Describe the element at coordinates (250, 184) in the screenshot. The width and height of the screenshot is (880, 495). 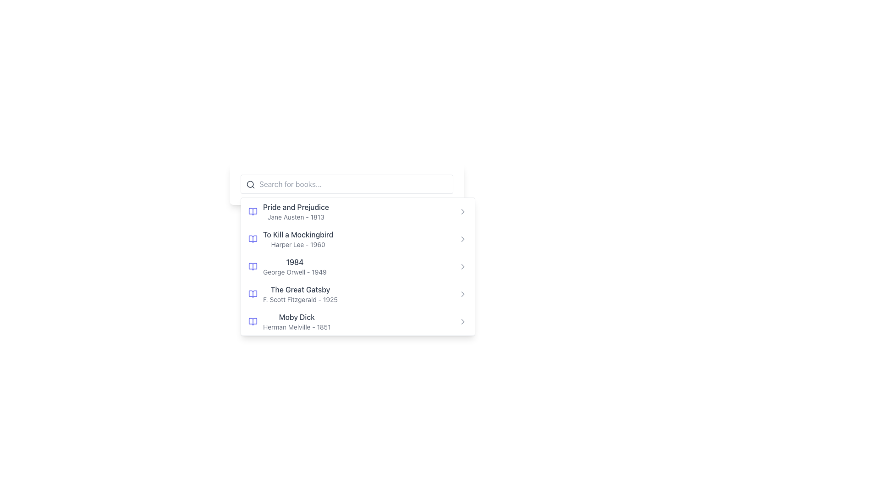
I see `the decorative circle element that forms the body of the search icon located at the top-left corner of the search bar` at that location.